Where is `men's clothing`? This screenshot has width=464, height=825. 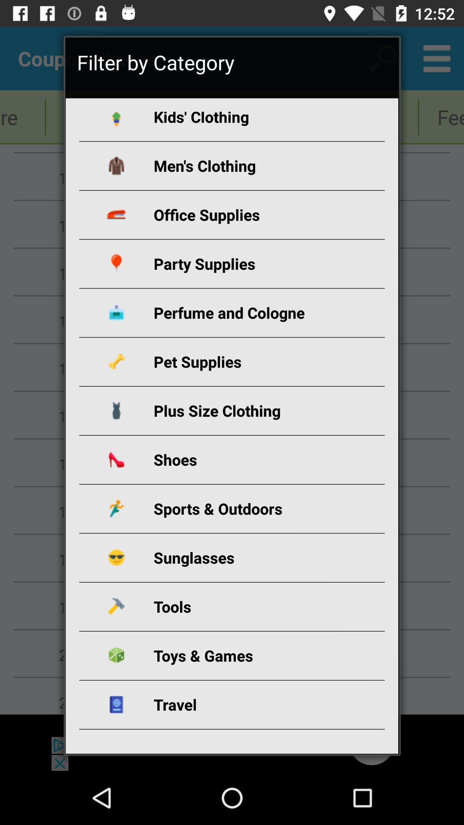 men's clothing is located at coordinates (242, 165).